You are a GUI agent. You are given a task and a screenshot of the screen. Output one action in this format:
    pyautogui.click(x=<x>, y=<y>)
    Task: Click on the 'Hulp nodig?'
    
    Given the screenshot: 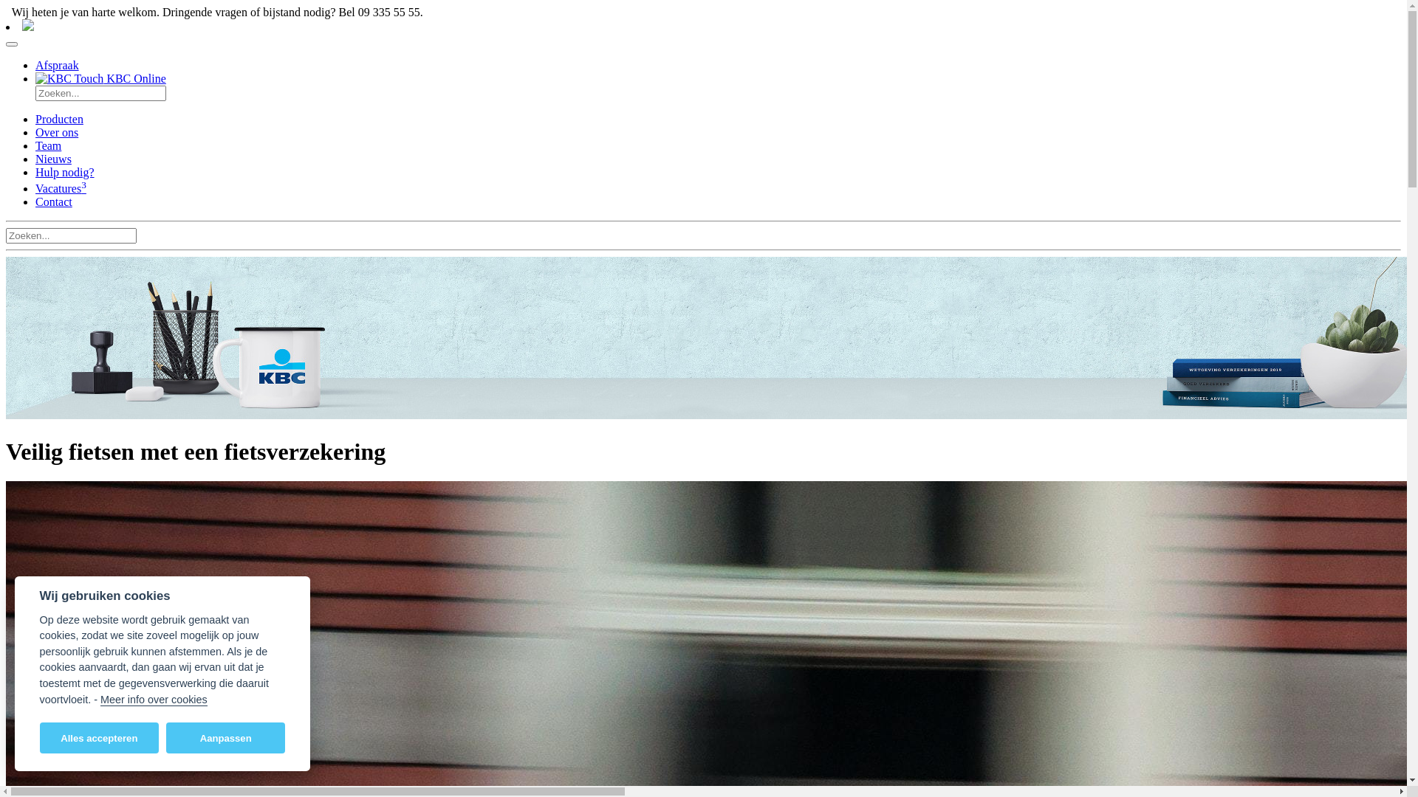 What is the action you would take?
    pyautogui.click(x=64, y=171)
    